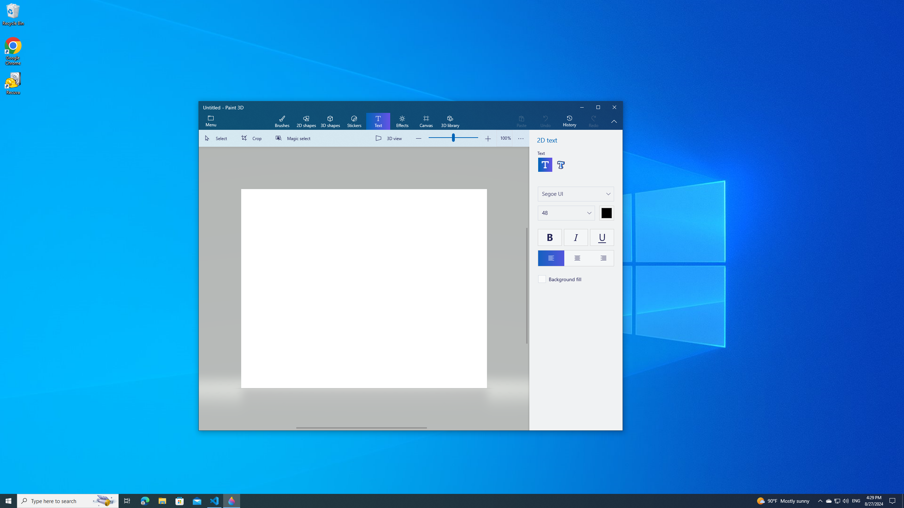  Describe the element at coordinates (566, 213) in the screenshot. I see `'Change text size'` at that location.